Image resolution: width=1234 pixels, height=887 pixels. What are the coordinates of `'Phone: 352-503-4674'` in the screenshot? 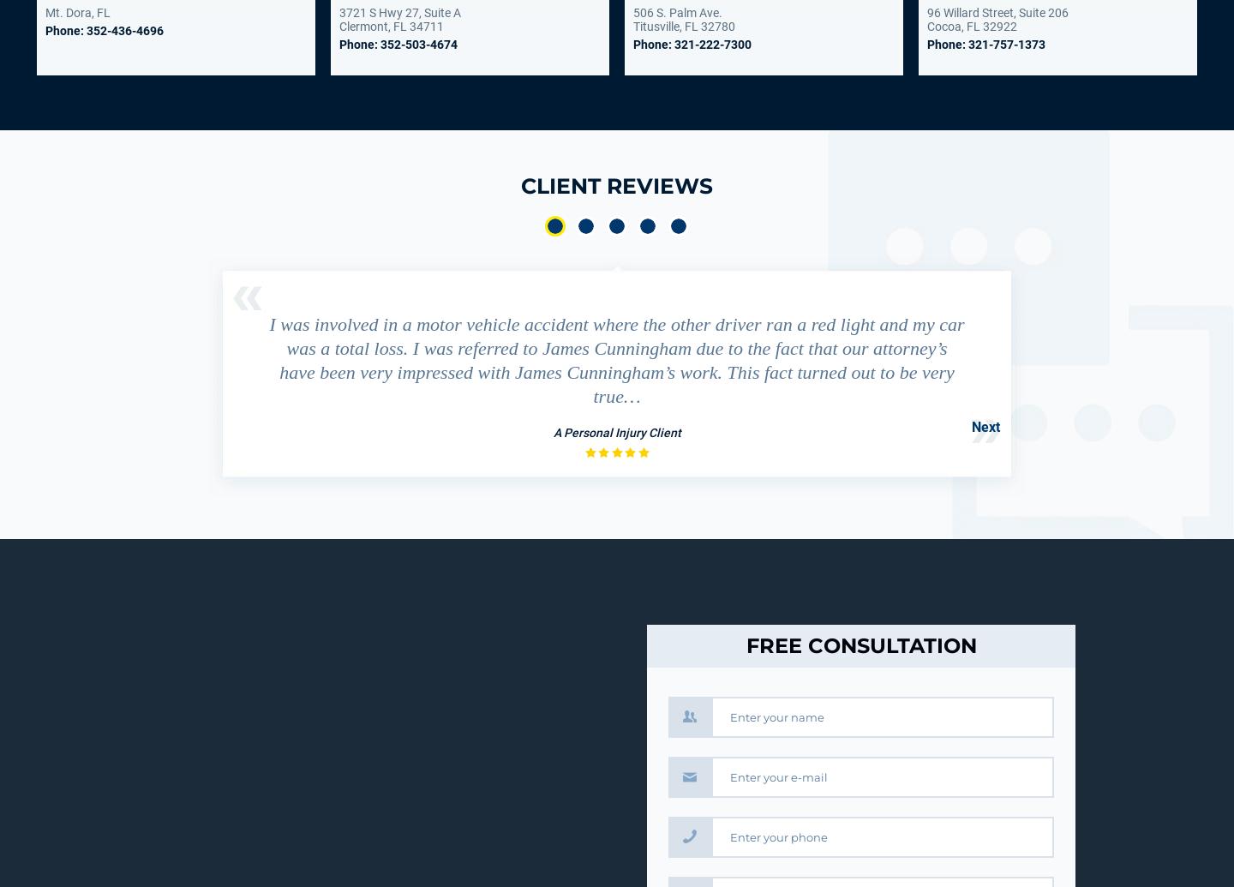 It's located at (398, 44).